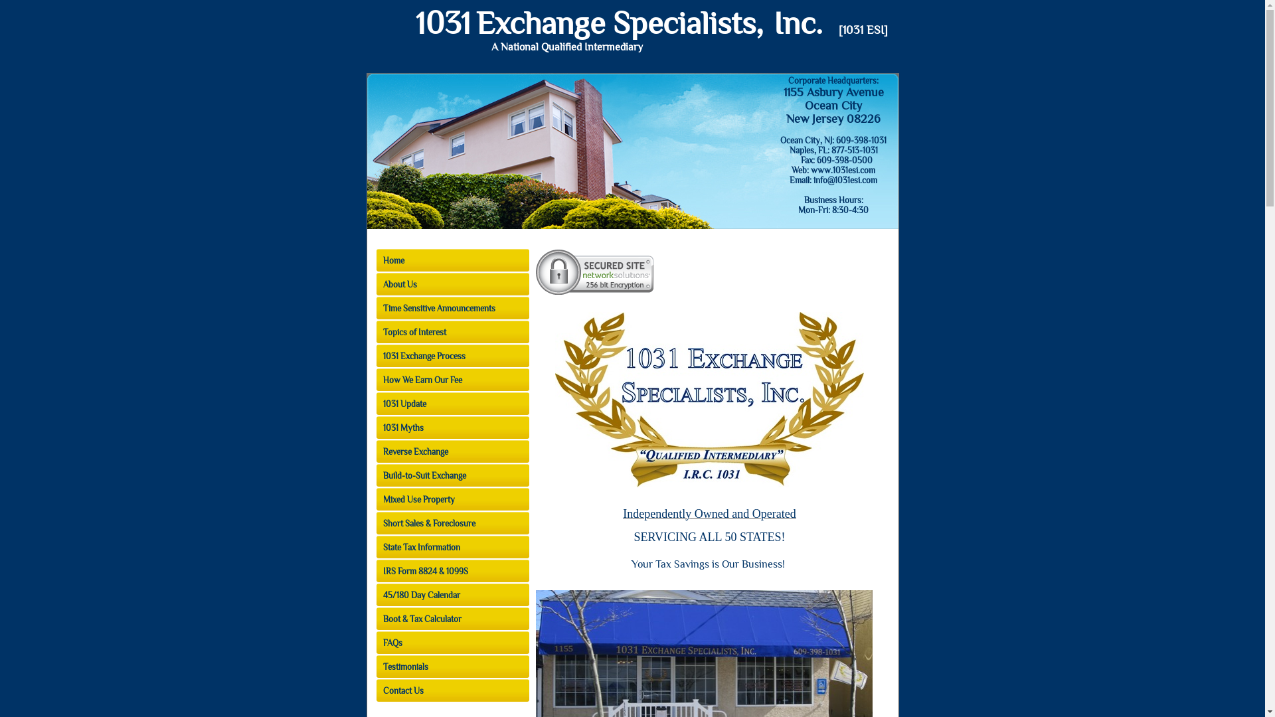 This screenshot has width=1275, height=717. I want to click on 'Contact Us', so click(452, 690).